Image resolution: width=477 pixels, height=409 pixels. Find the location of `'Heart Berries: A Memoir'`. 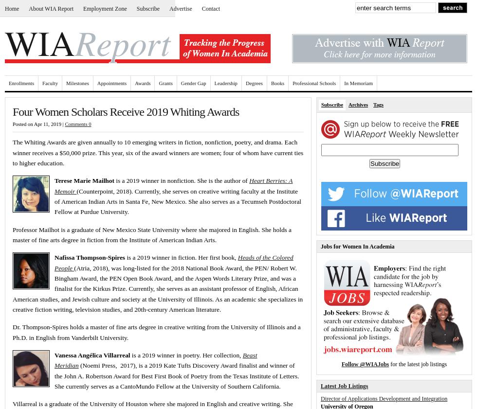

'Heart Berries: A Memoir' is located at coordinates (173, 185).